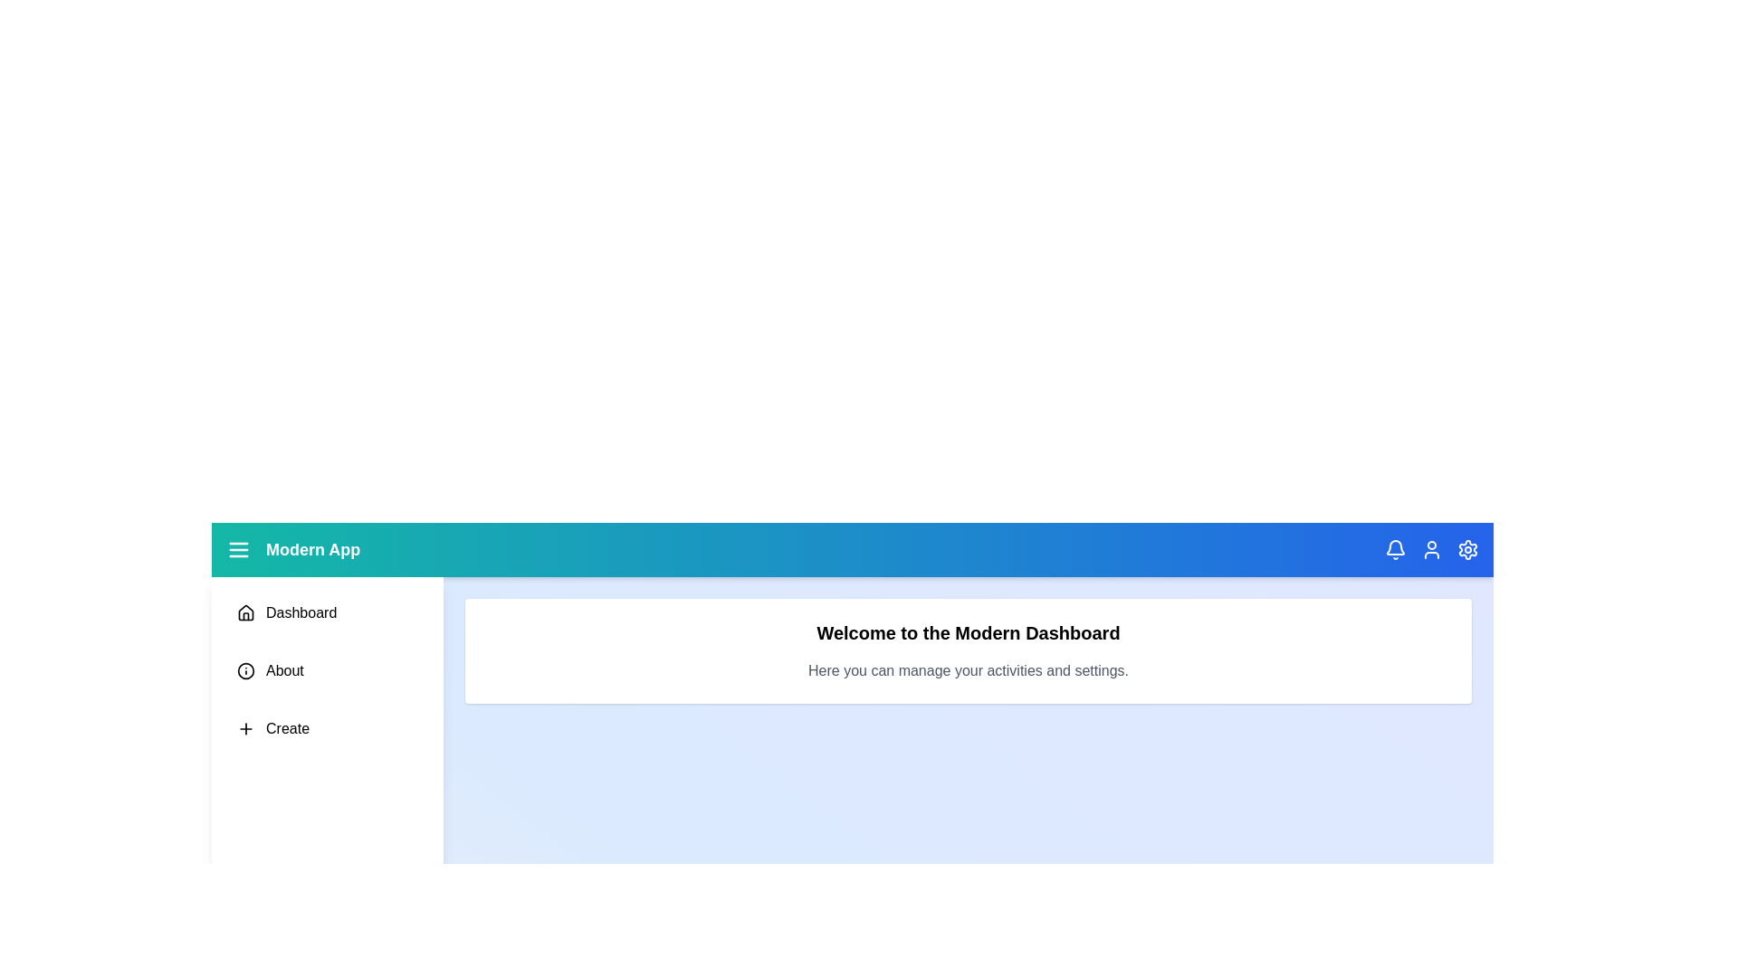 The width and height of the screenshot is (1738, 977). I want to click on the menu icon to toggle the sidebar visibility, so click(238, 549).